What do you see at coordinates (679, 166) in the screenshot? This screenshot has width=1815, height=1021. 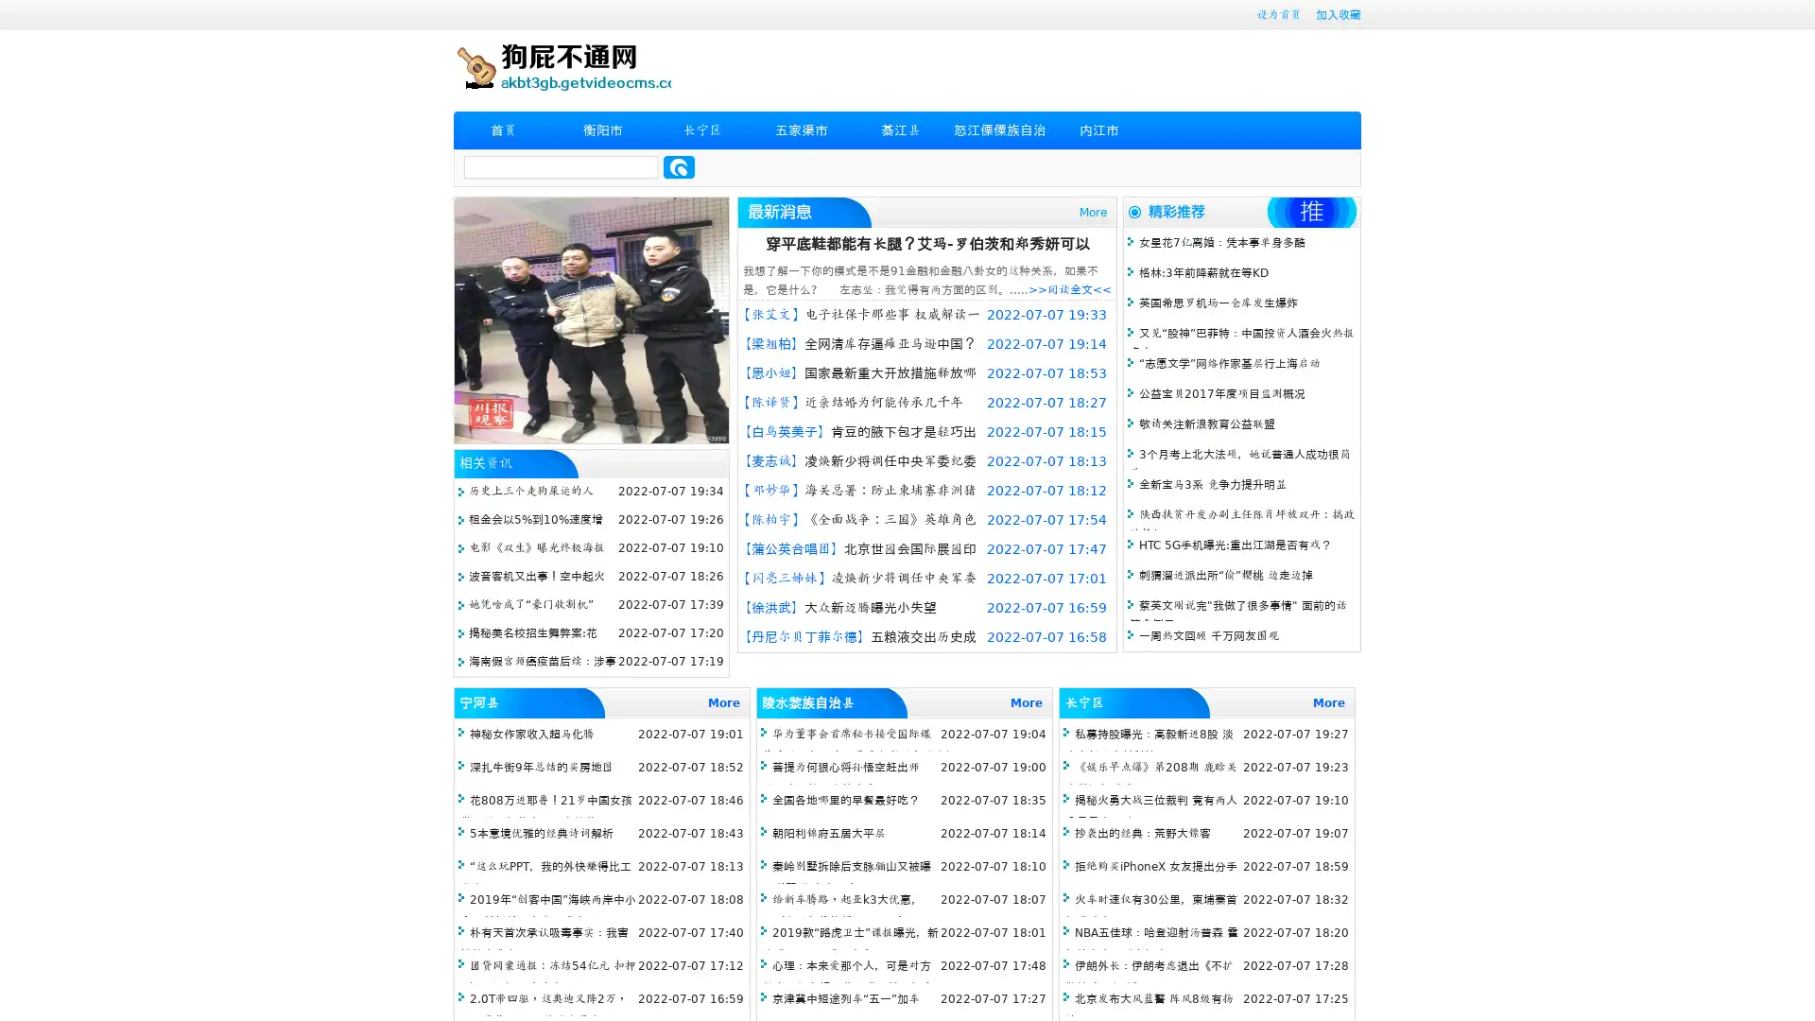 I see `Search` at bounding box center [679, 166].